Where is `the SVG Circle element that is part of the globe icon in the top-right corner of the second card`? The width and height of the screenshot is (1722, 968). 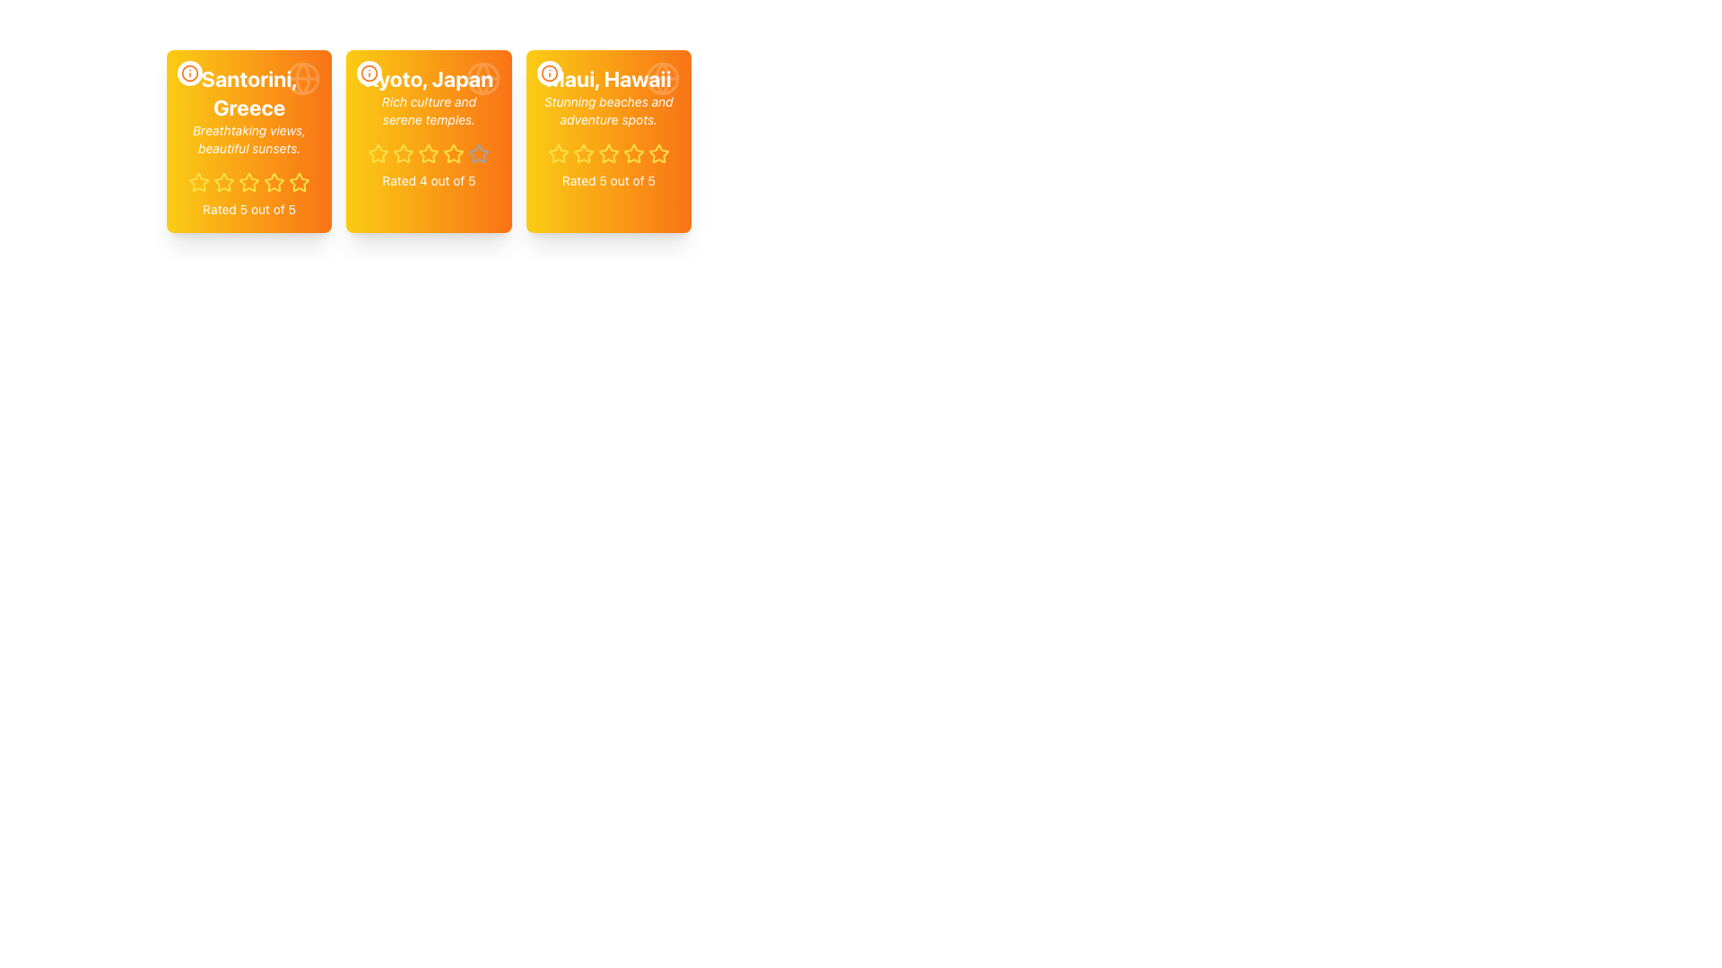 the SVG Circle element that is part of the globe icon in the top-right corner of the second card is located at coordinates (483, 78).